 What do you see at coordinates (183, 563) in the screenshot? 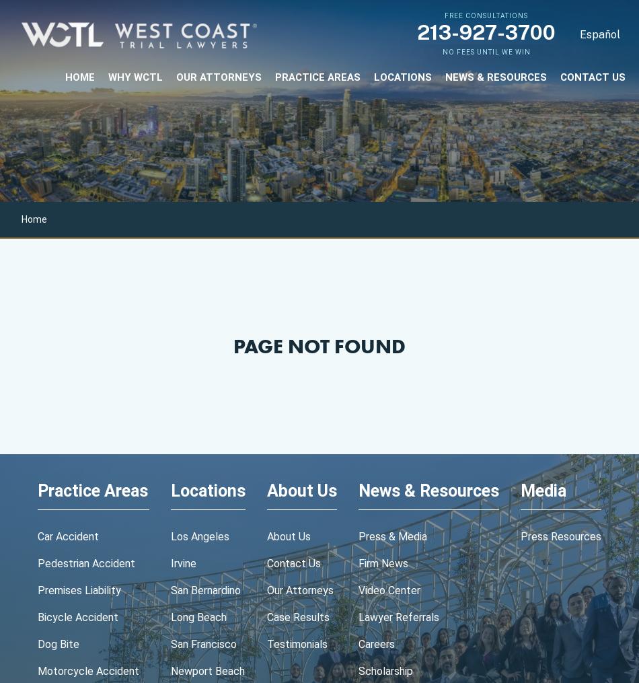
I see `'Irvine'` at bounding box center [183, 563].